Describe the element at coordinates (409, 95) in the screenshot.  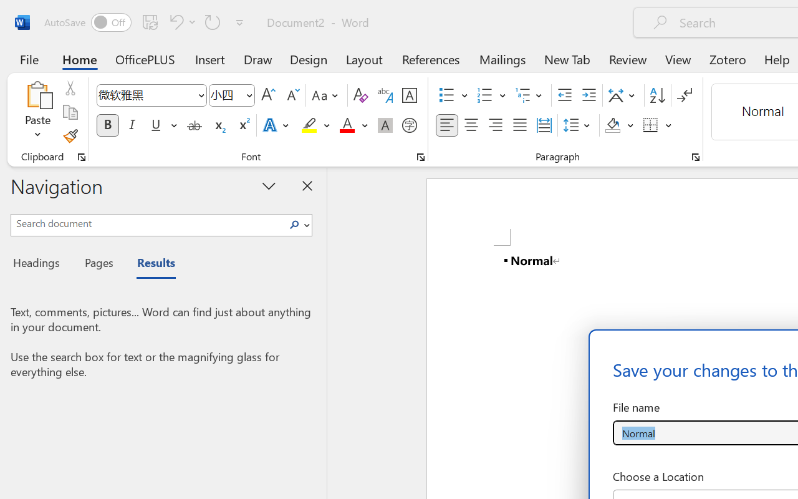
I see `'Character Border'` at that location.